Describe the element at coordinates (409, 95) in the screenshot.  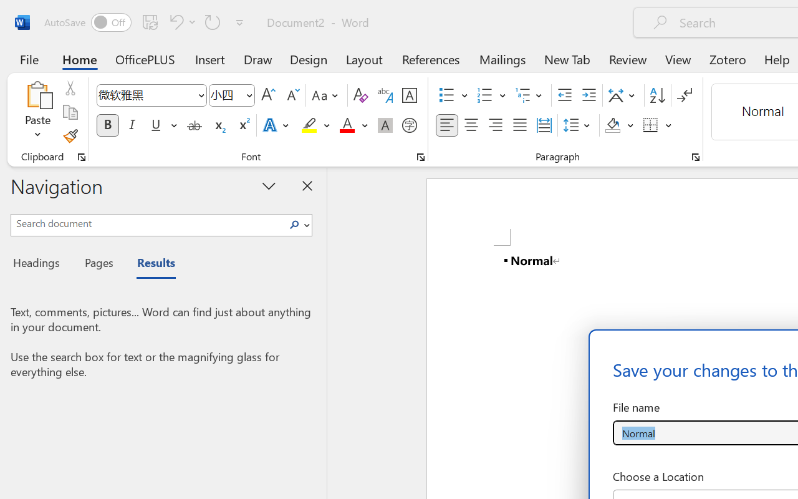
I see `'Character Border'` at that location.